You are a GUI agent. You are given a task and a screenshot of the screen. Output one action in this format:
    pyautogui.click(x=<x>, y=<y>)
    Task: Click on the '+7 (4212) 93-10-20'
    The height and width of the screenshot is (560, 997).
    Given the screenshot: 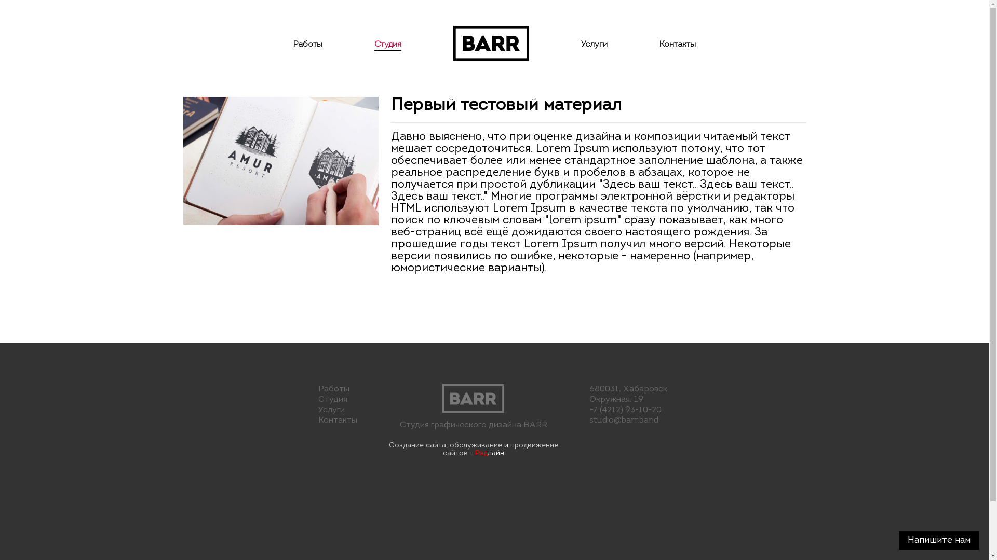 What is the action you would take?
    pyautogui.click(x=589, y=409)
    